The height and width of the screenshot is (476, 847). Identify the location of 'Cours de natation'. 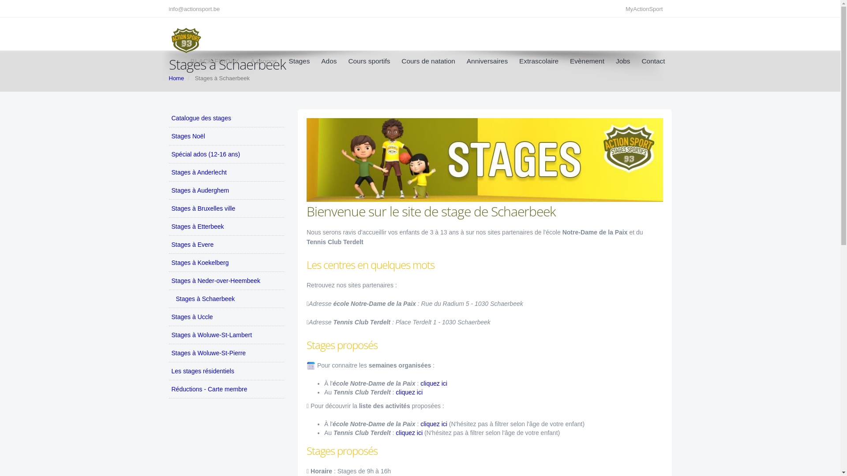
(394, 60).